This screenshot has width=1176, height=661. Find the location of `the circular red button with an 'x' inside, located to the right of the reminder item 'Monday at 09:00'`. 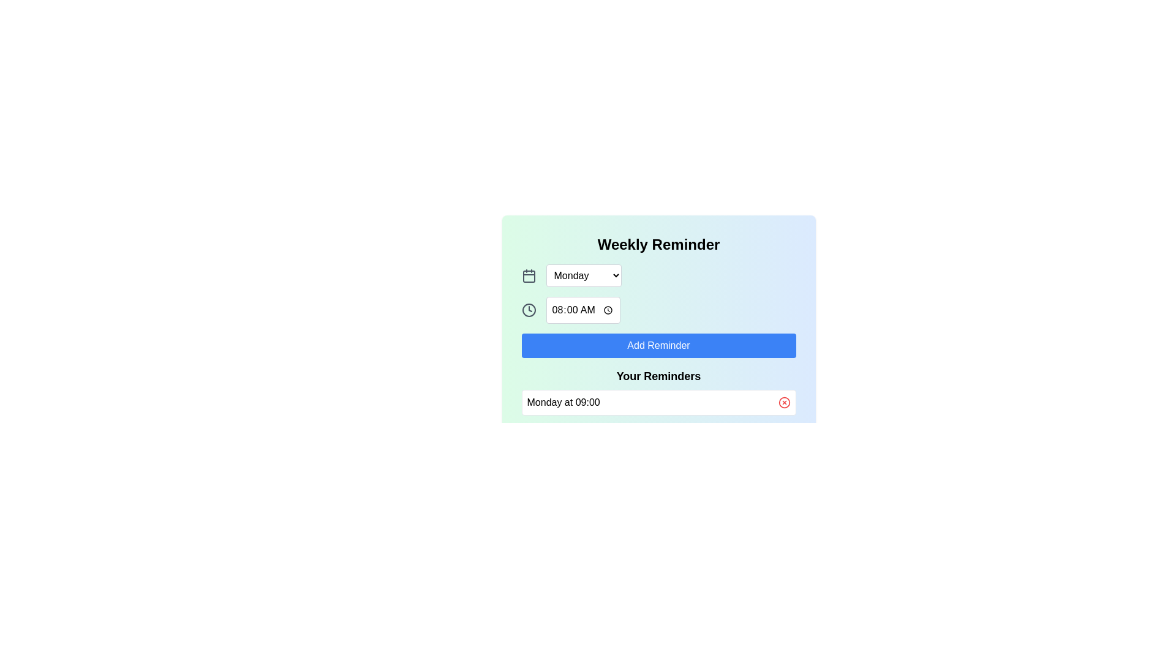

the circular red button with an 'x' inside, located to the right of the reminder item 'Monday at 09:00' is located at coordinates (784, 403).